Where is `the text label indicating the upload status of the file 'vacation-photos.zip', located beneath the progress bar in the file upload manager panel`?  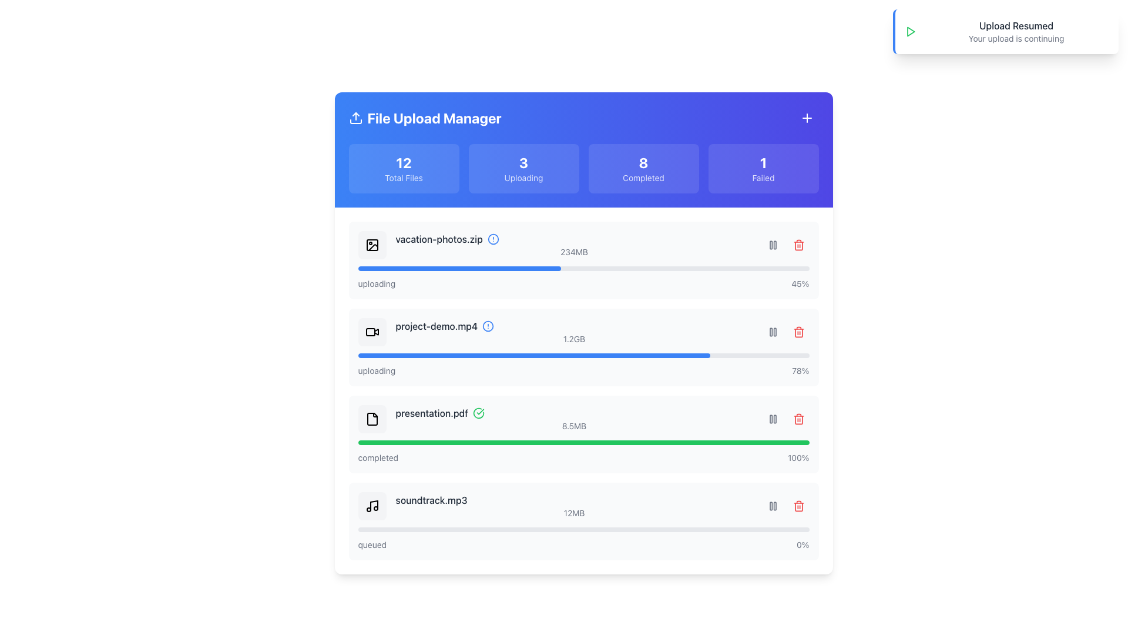 the text label indicating the upload status of the file 'vacation-photos.zip', located beneath the progress bar in the file upload manager panel is located at coordinates (377, 283).